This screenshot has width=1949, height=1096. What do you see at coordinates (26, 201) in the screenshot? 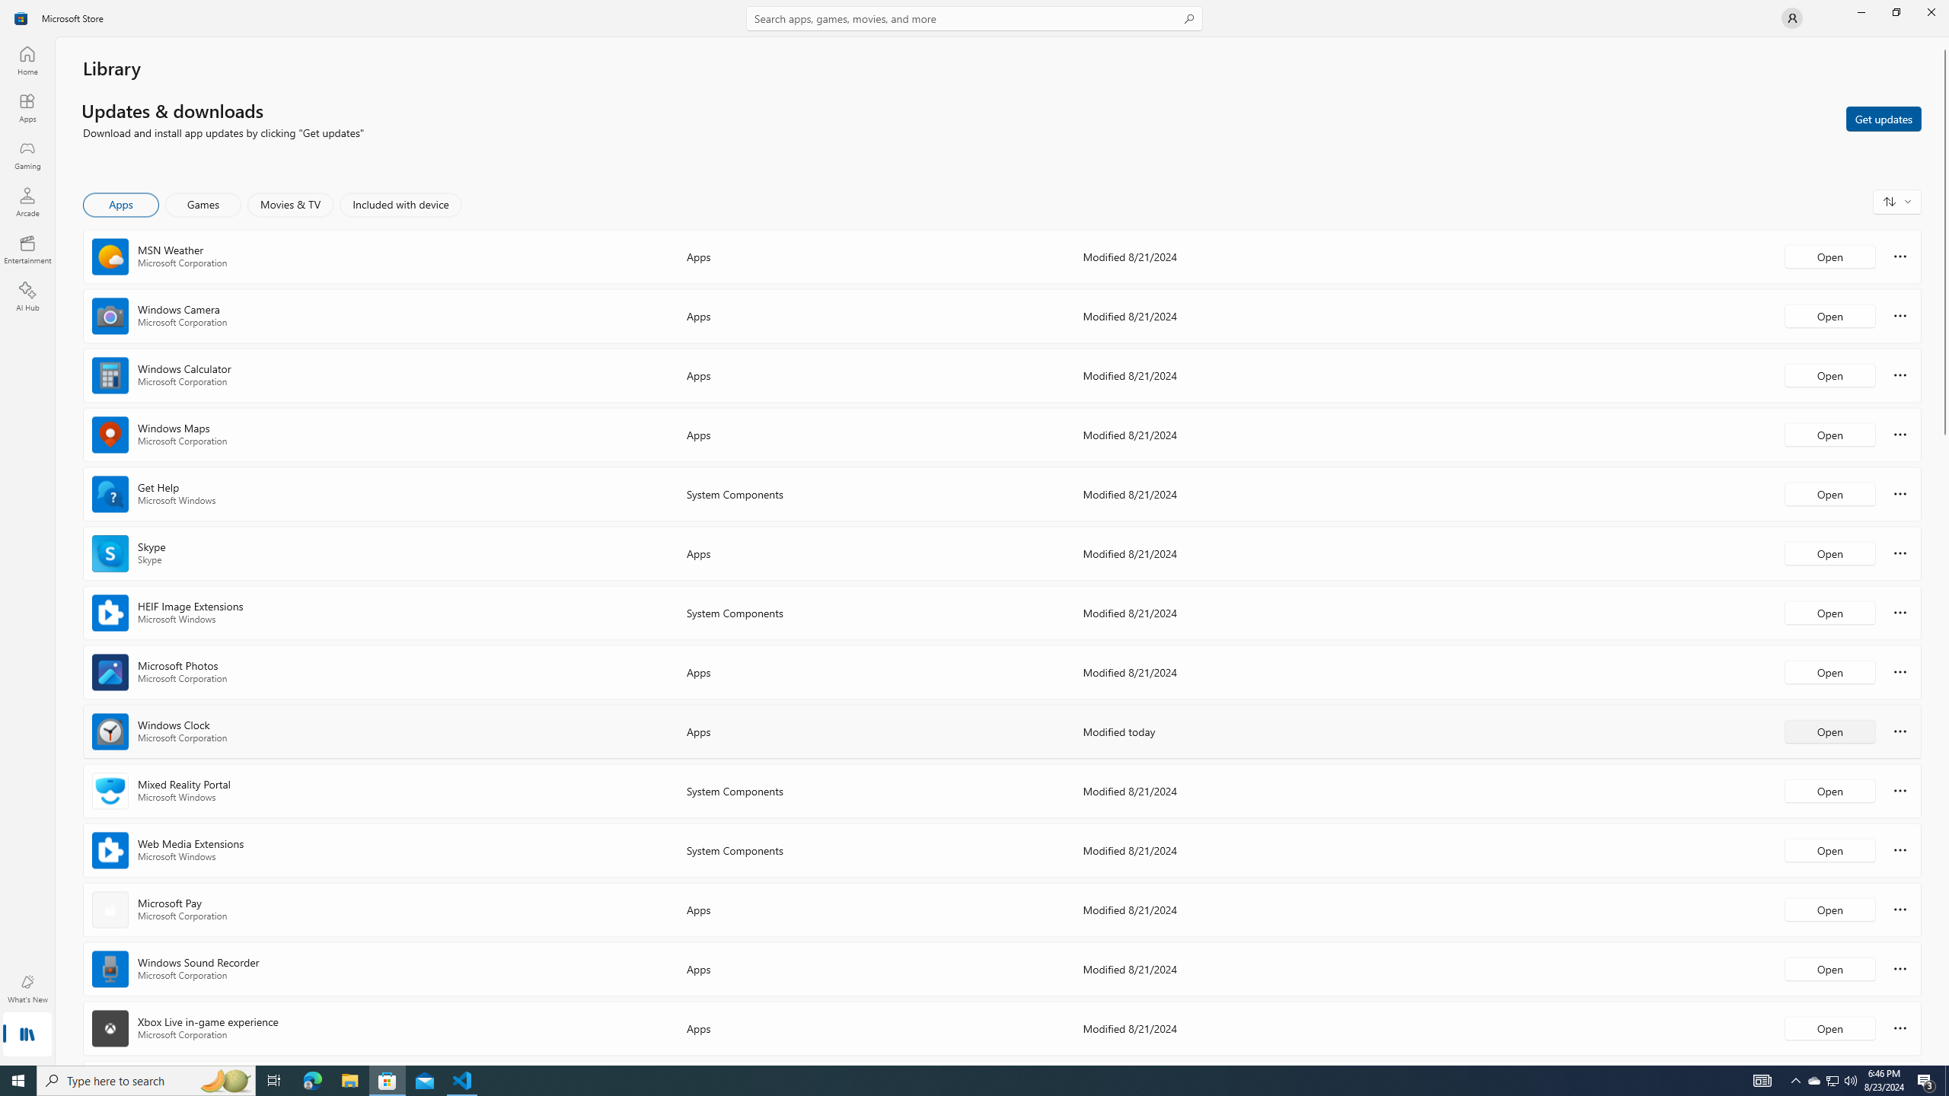
I see `'Arcade'` at bounding box center [26, 201].